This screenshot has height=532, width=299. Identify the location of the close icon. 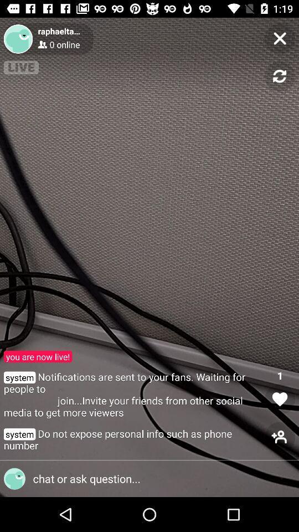
(279, 38).